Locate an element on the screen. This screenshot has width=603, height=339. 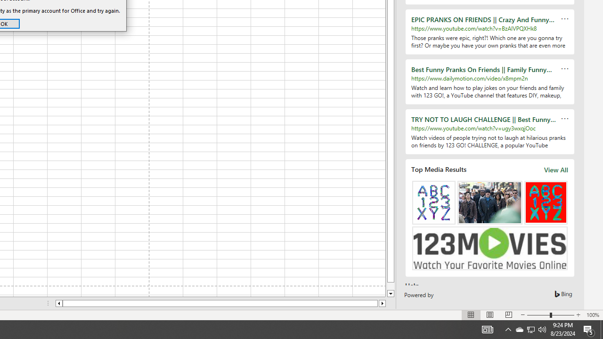
'Action Center, 5 new notifications' is located at coordinates (589, 329).